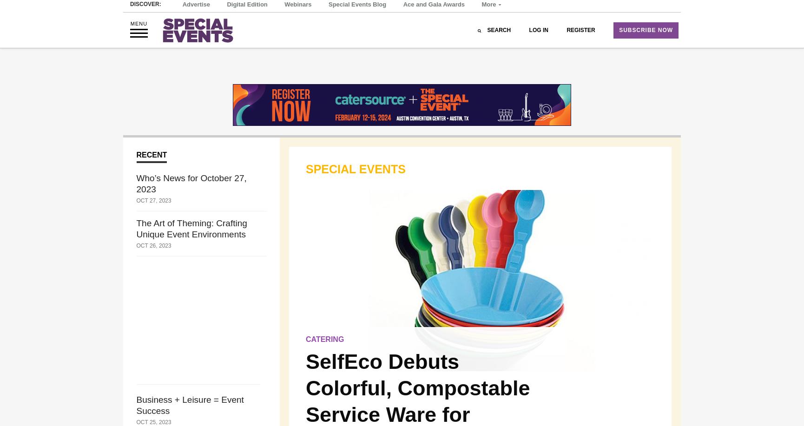 The height and width of the screenshot is (426, 804). Describe the element at coordinates (481, 25) in the screenshot. I see `'More'` at that location.